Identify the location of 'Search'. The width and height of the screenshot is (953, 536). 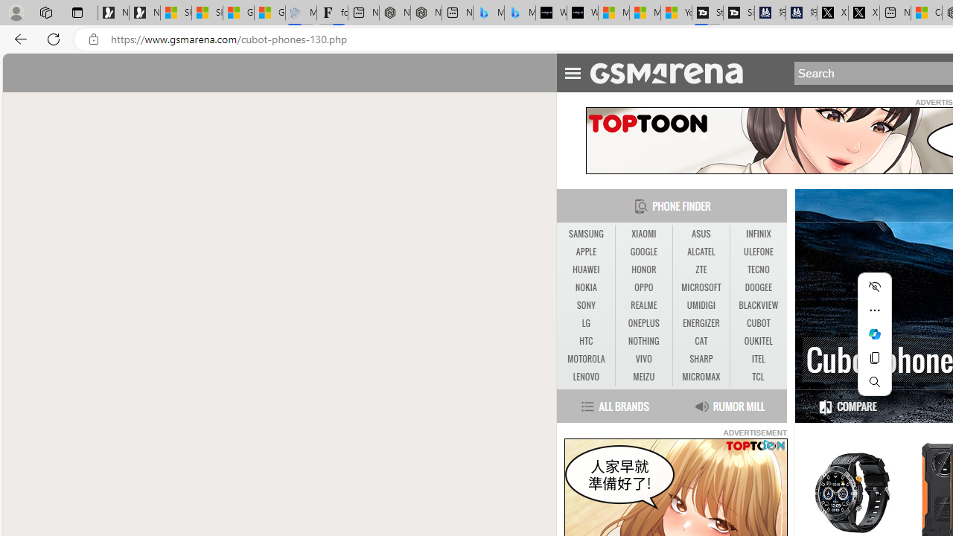
(875, 381).